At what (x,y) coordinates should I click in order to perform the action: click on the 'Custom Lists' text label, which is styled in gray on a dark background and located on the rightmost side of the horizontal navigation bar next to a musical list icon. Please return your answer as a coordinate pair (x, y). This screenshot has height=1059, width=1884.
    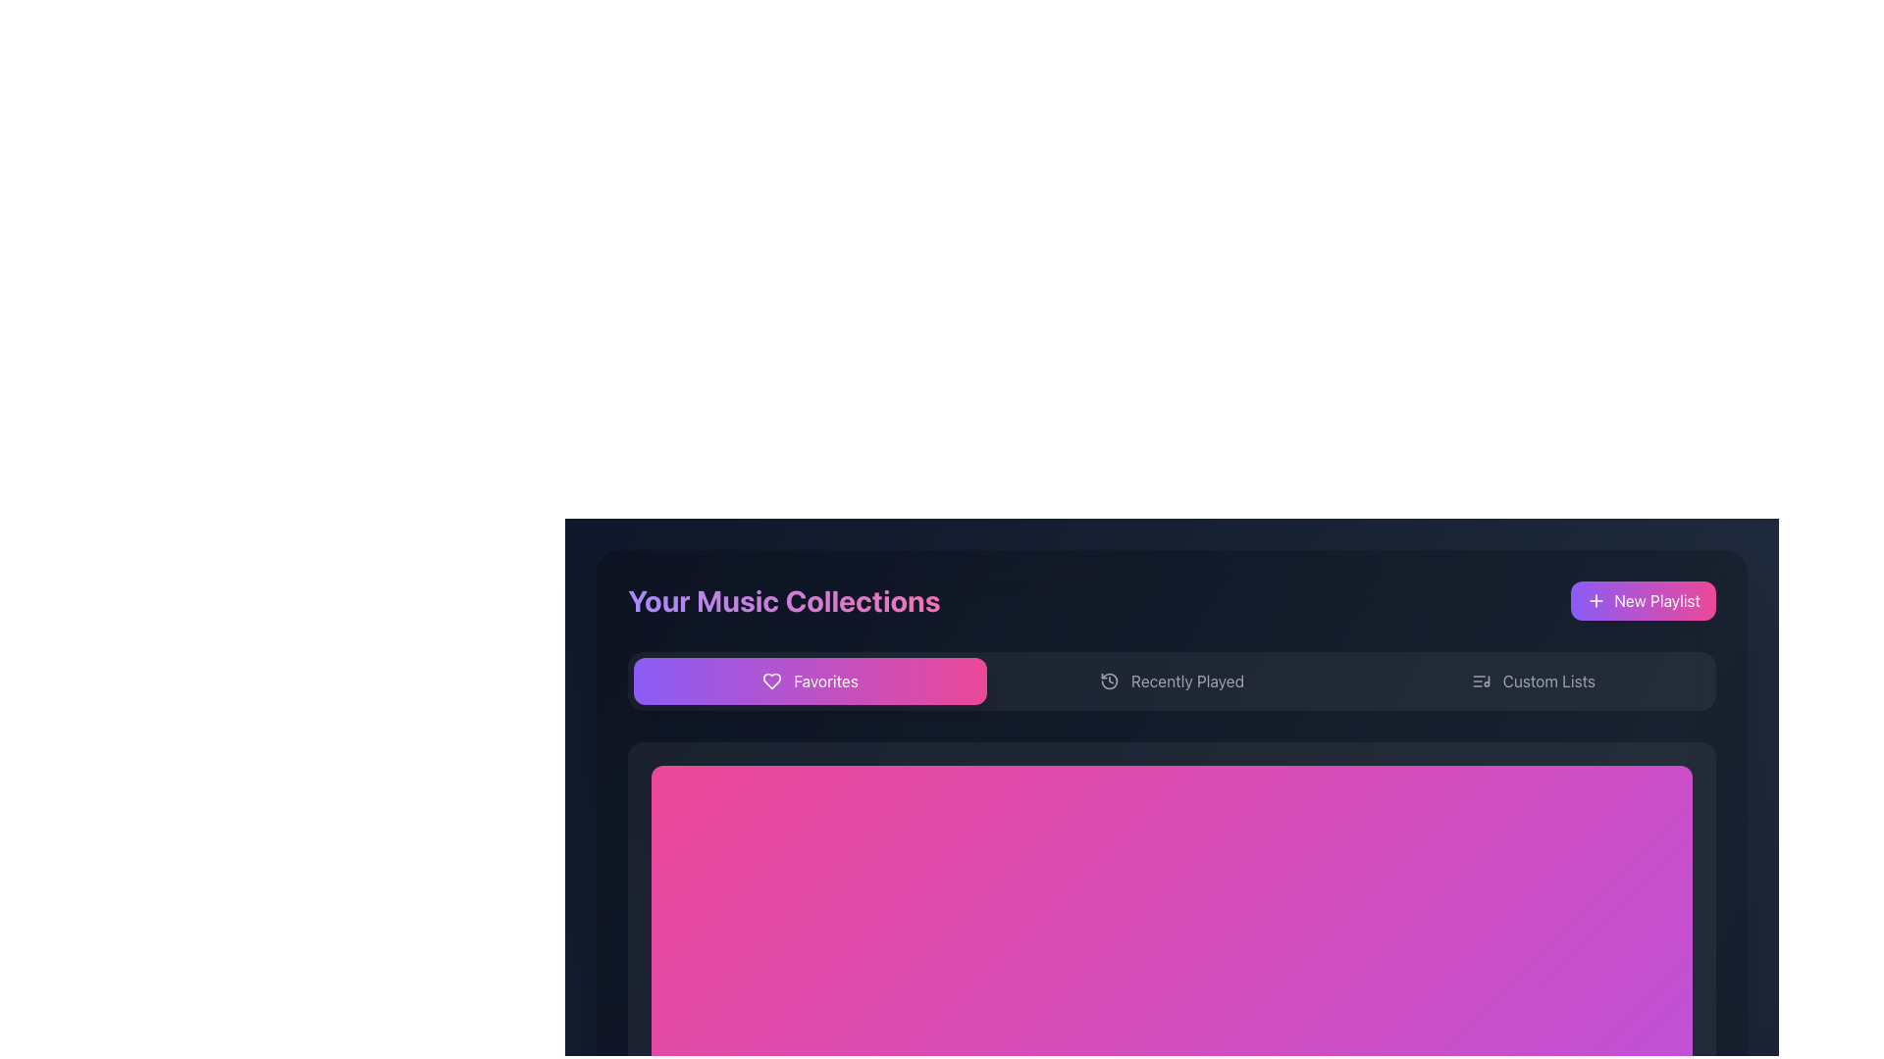
    Looking at the image, I should click on (1547, 680).